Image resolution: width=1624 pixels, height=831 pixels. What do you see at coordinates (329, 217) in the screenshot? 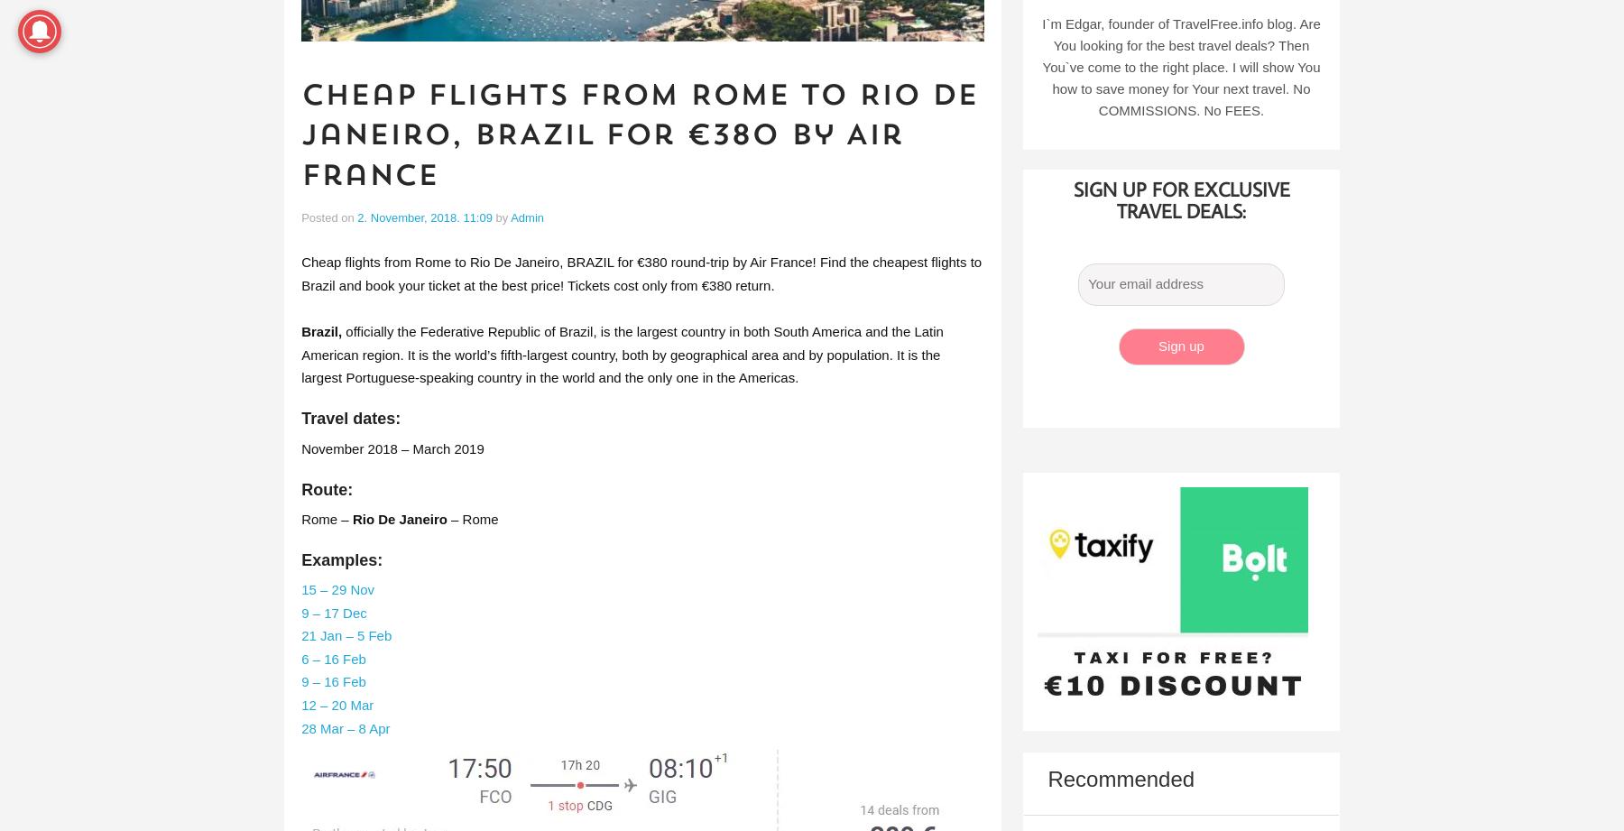
I see `'Posted on'` at bounding box center [329, 217].